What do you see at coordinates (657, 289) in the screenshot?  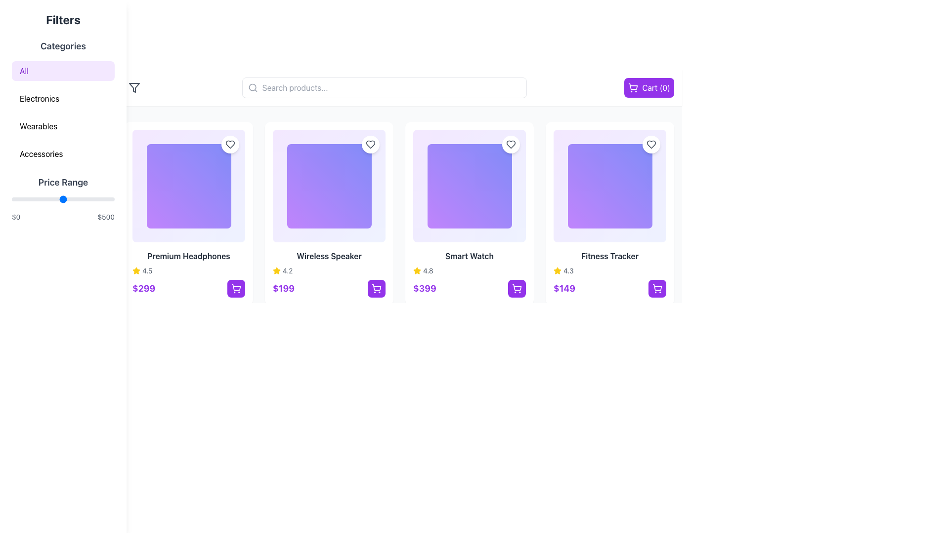 I see `the button located at the bottom-right corner of the 'Fitness Tracker' product card` at bounding box center [657, 289].